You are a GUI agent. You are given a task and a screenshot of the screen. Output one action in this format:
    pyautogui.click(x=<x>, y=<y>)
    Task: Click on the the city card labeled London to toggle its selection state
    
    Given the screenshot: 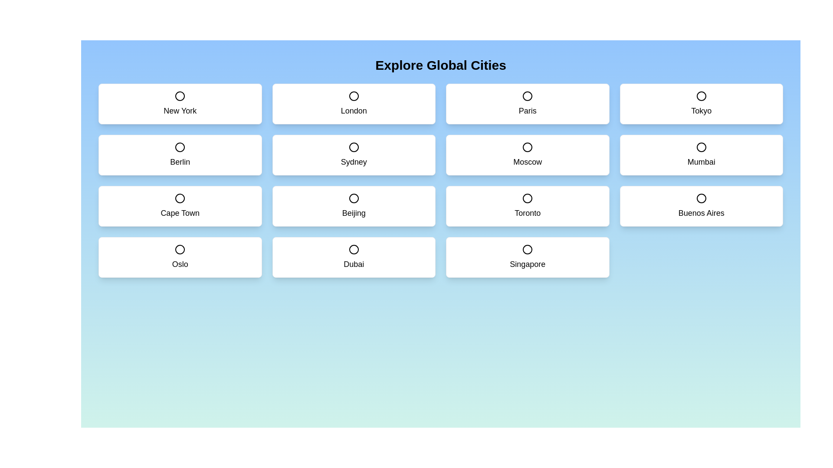 What is the action you would take?
    pyautogui.click(x=354, y=103)
    